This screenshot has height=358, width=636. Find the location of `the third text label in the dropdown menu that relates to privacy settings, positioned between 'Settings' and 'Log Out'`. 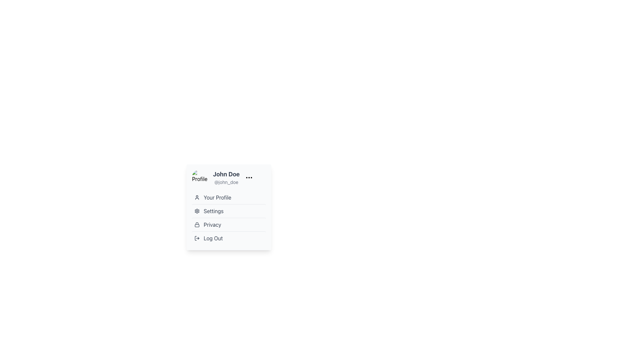

the third text label in the dropdown menu that relates to privacy settings, positioned between 'Settings' and 'Log Out' is located at coordinates (212, 224).